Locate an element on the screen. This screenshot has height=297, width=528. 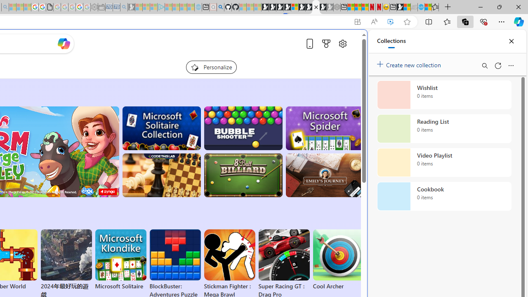
'Emily' is located at coordinates (324, 175).